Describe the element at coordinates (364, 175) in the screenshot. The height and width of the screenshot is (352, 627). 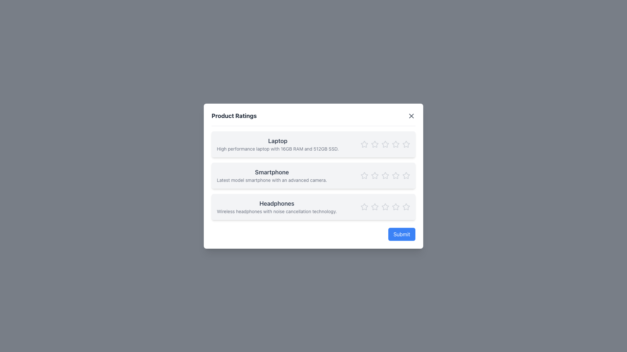
I see `the first star-shaped vector graphic representing a rating for the 'Smartphone' product` at that location.